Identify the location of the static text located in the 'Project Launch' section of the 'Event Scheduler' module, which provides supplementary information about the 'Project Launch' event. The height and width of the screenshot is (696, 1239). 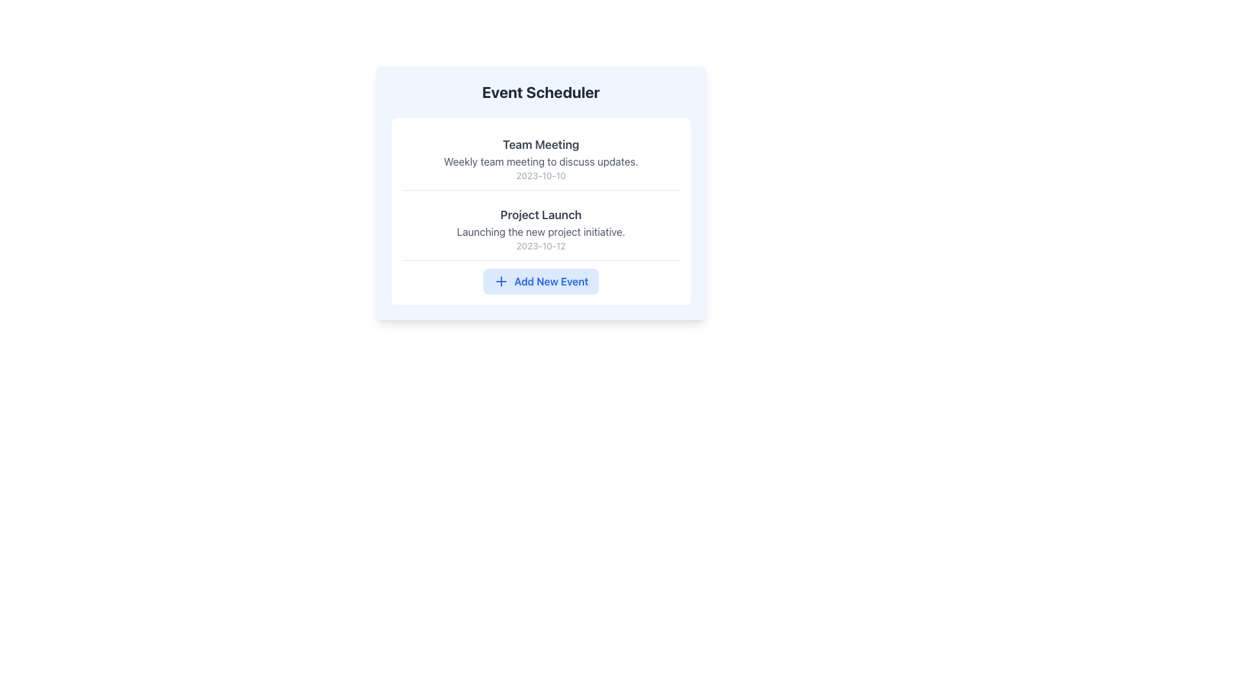
(541, 231).